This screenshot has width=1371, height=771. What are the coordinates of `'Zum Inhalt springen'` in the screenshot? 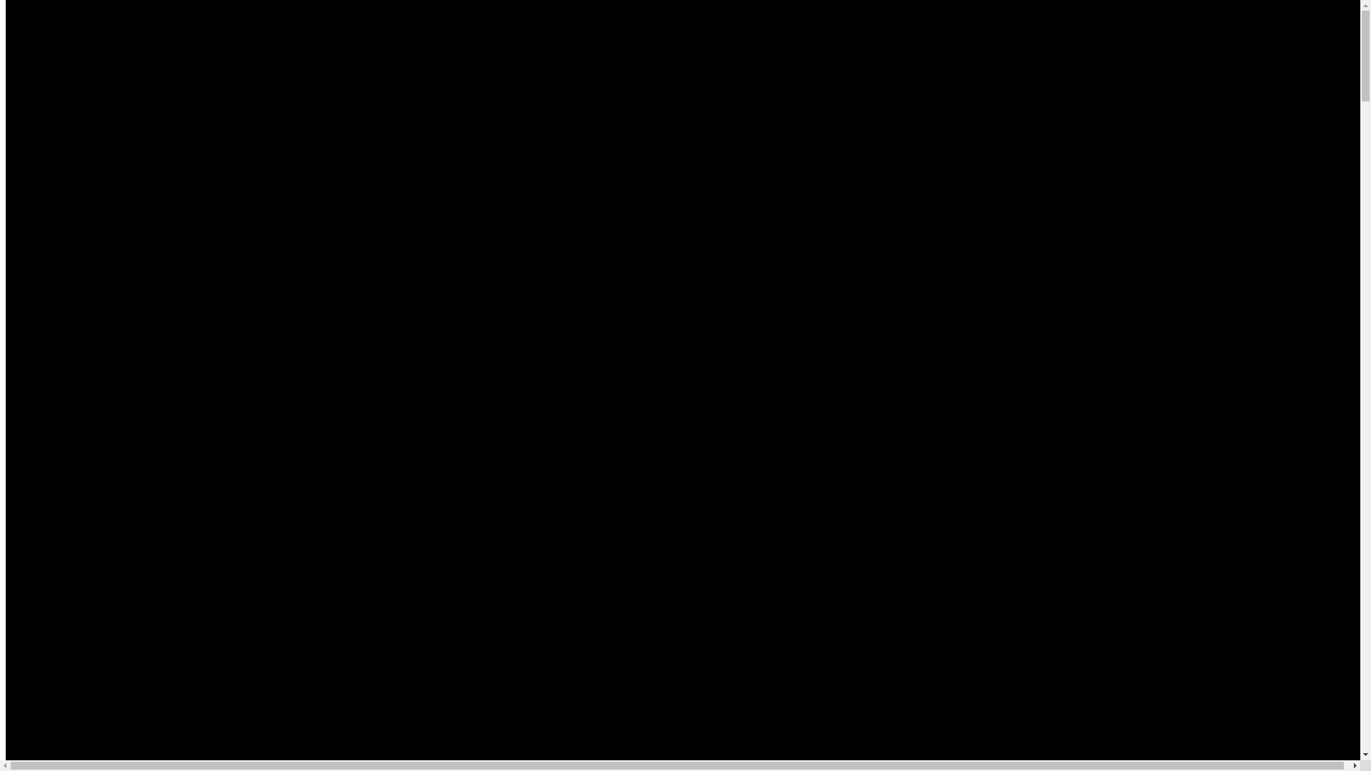 It's located at (52, 11).